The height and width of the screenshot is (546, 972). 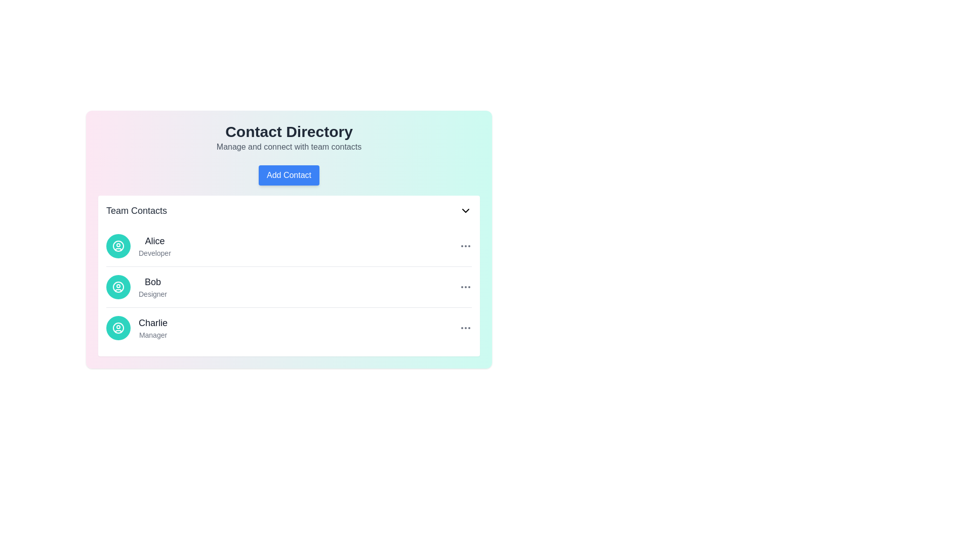 What do you see at coordinates (465, 210) in the screenshot?
I see `the downward-facing chevron icon located on the far right side of the 'Team Contacts' section` at bounding box center [465, 210].